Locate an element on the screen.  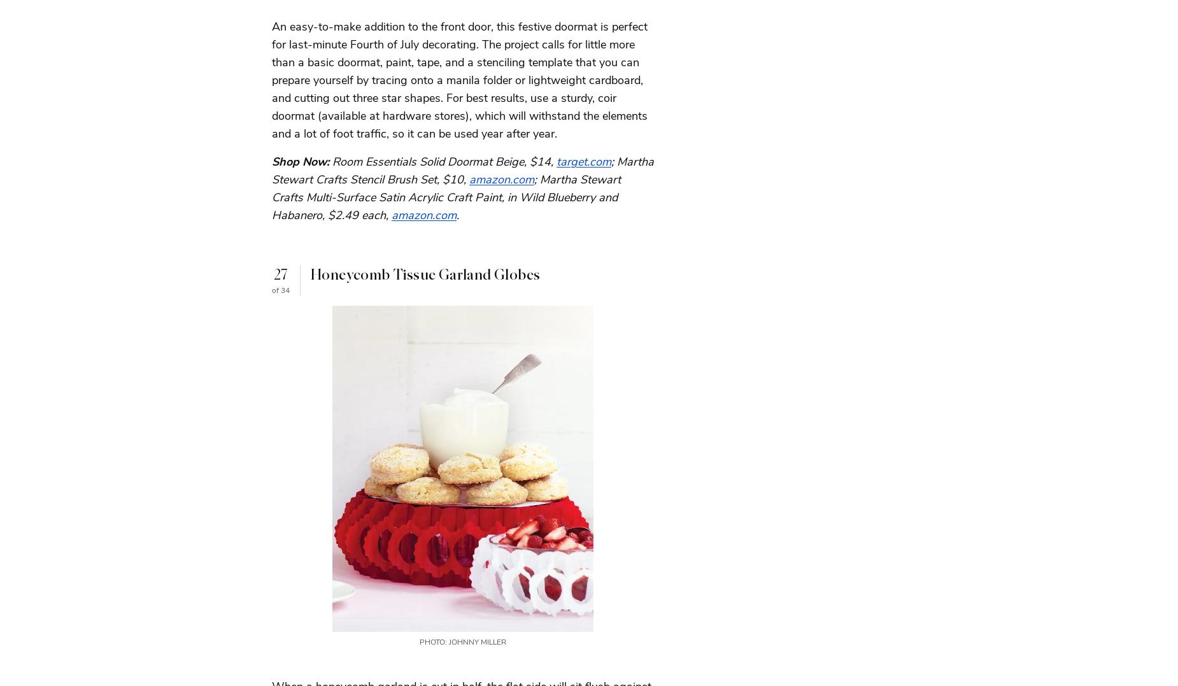
'An easy-to-make addition to the front door, this festive doormat is perfect for last-minute Fourth of July decorating. The project calls for little more than a basic doormat, paint, tape, and a stenciling template that you can prepare yourself by tracing onto a manila folder or lightweight cardboard, and cutting out three star shapes. For best results, use a sturdy, coir doormat (available at hardware stores), which will withstand the elements and a lot of foot traffic, so it can be used year after year.' is located at coordinates (271, 80).